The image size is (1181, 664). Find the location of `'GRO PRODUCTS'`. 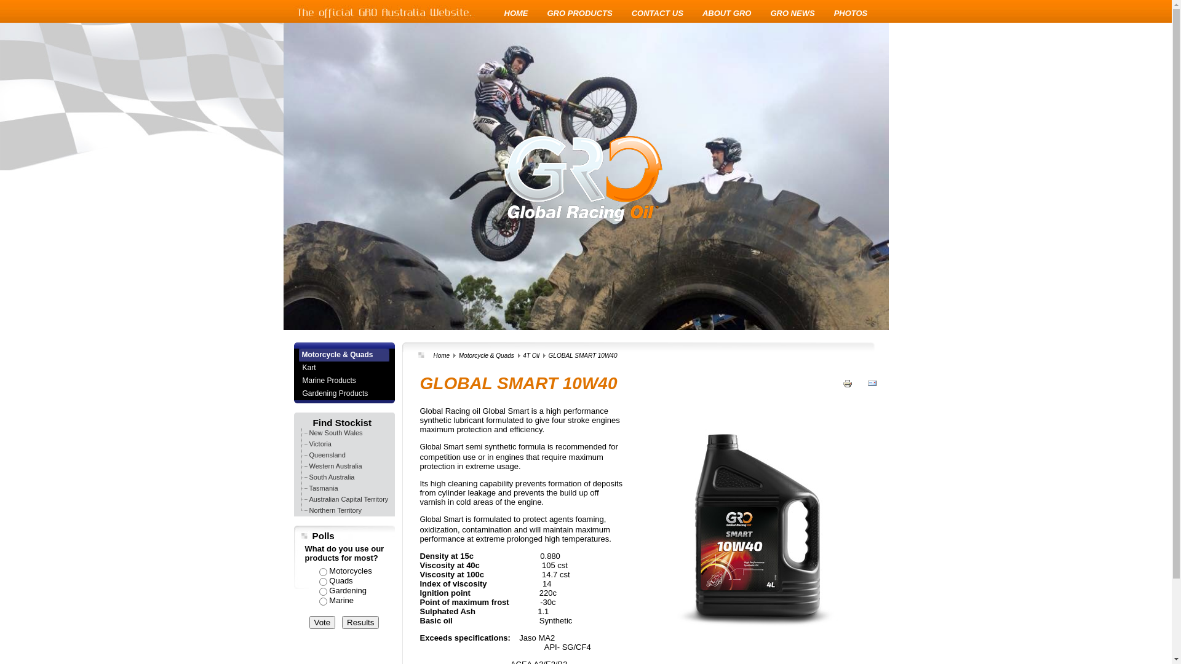

'GRO PRODUCTS' is located at coordinates (546, 13).